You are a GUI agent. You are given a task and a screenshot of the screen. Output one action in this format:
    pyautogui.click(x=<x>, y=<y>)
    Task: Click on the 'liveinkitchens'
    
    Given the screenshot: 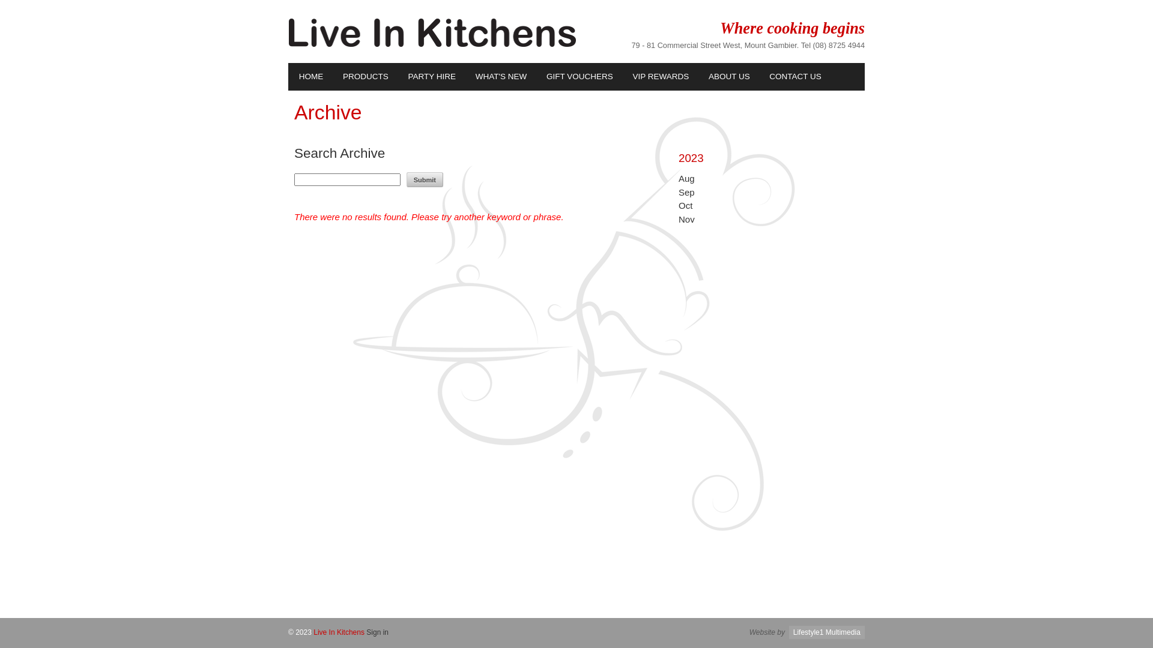 What is the action you would take?
    pyautogui.click(x=432, y=43)
    